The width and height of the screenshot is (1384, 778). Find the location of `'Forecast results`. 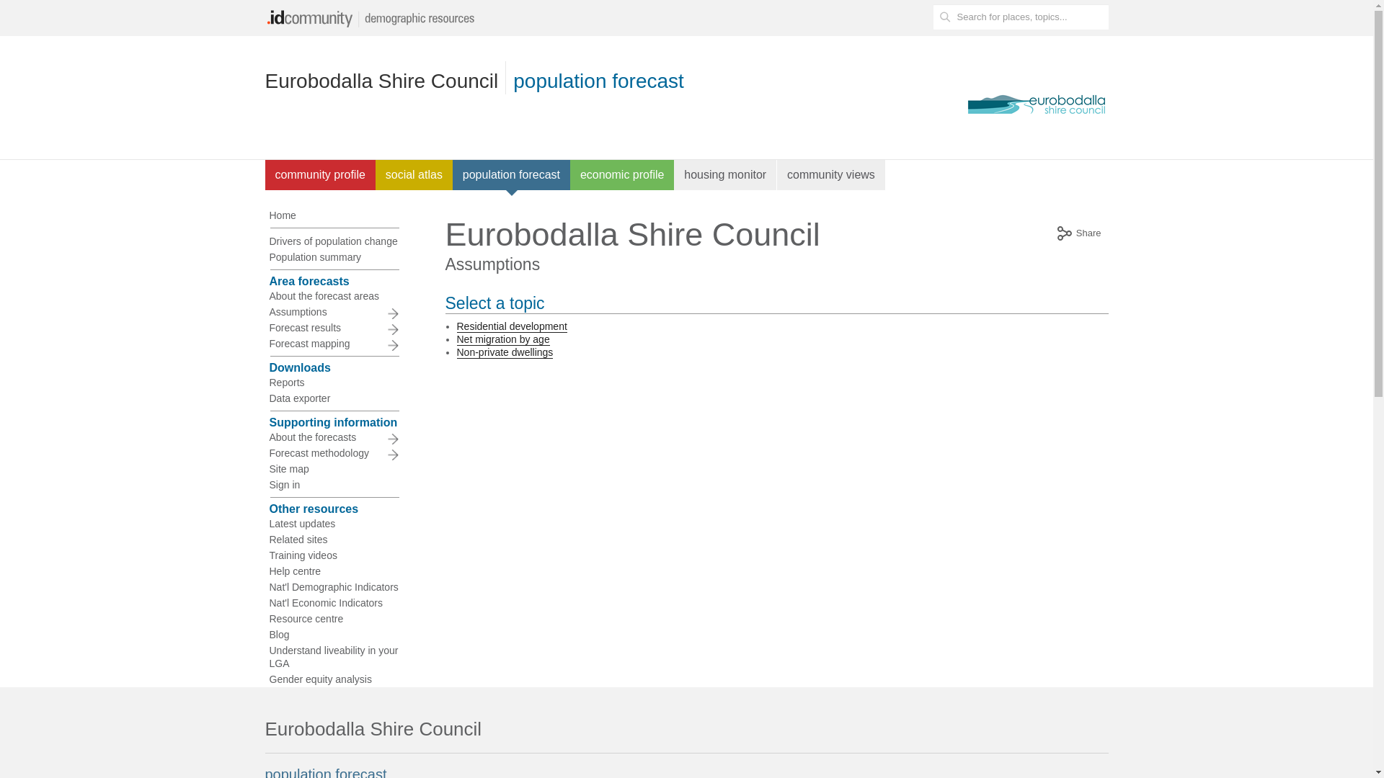

'Forecast results is located at coordinates (265, 328).